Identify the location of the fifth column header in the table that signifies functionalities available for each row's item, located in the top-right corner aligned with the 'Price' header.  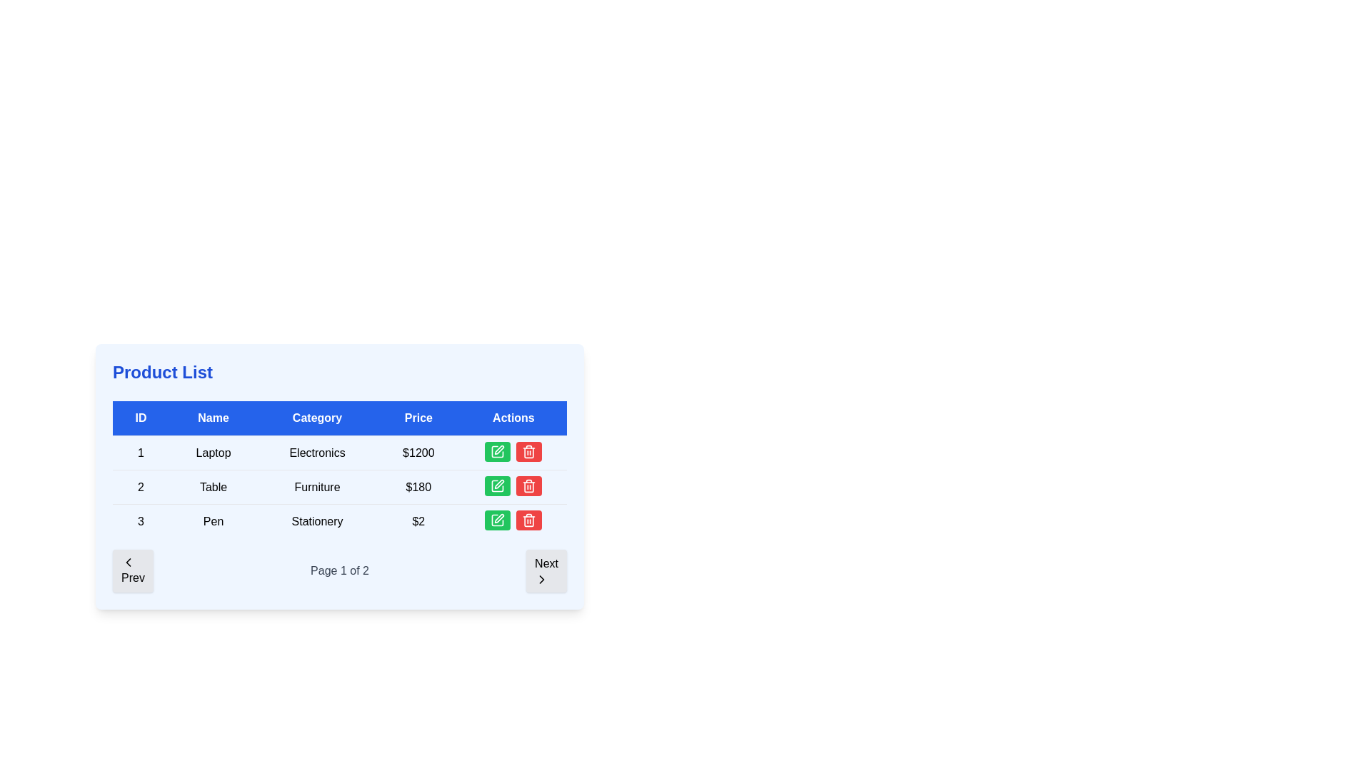
(513, 418).